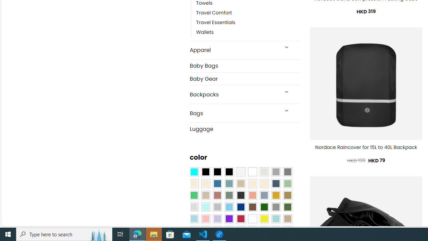  What do you see at coordinates (193, 219) in the screenshot?
I see `'Light Blue'` at bounding box center [193, 219].